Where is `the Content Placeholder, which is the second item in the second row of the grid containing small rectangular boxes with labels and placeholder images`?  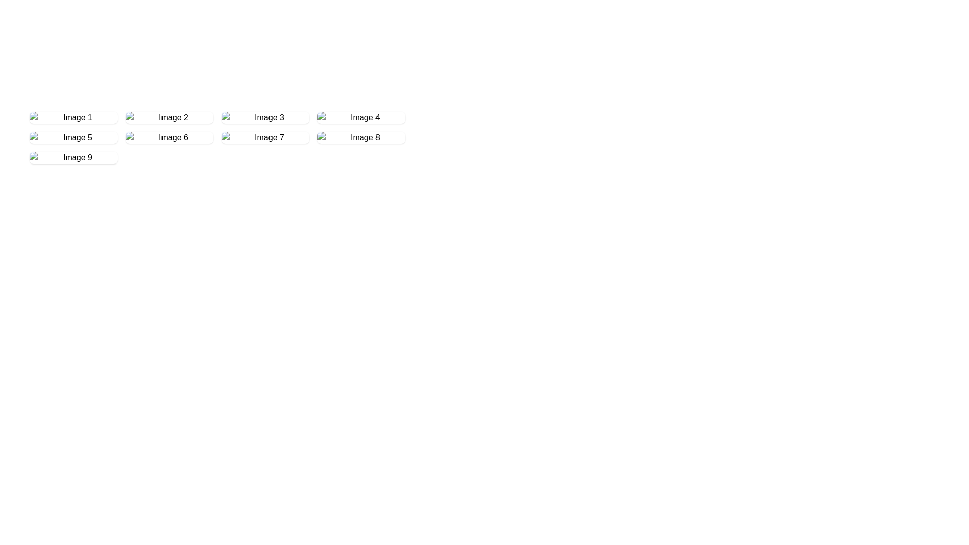 the Content Placeholder, which is the second item in the second row of the grid containing small rectangular boxes with labels and placeholder images is located at coordinates (217, 138).